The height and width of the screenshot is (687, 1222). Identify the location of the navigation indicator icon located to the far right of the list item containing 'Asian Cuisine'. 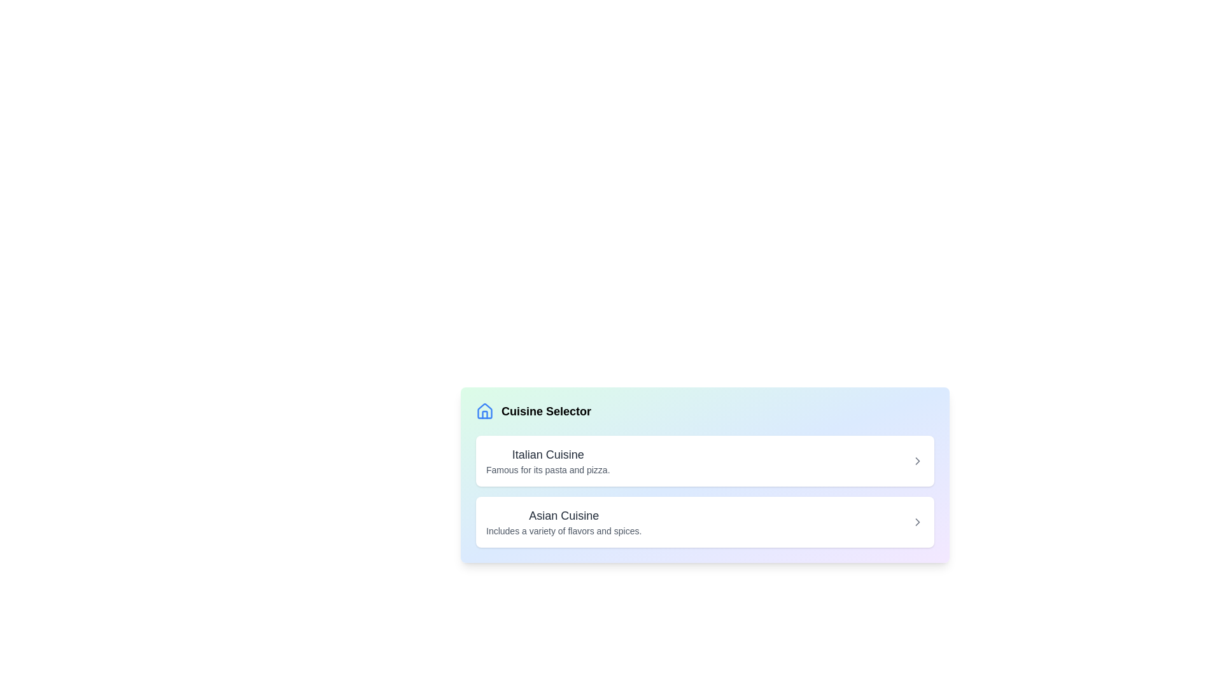
(917, 522).